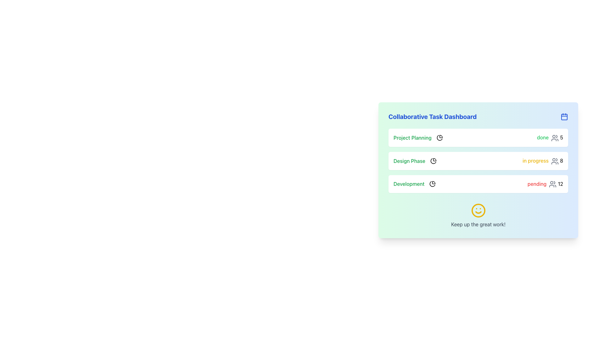 This screenshot has width=604, height=339. I want to click on the second icon in the 'Design Phase' row of the progress list, which visually represents the number of users associated with the task labeled 'Design Phase', so click(555, 161).